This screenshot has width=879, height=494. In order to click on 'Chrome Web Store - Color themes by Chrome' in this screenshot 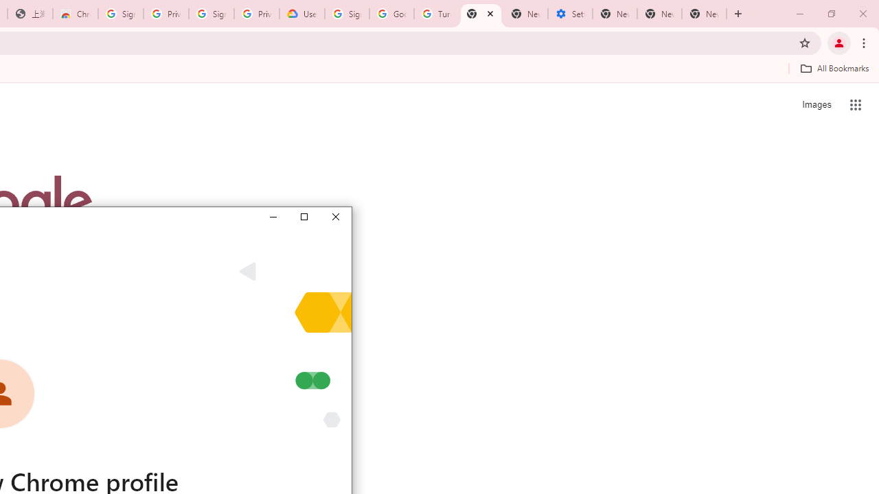, I will do `click(75, 14)`.